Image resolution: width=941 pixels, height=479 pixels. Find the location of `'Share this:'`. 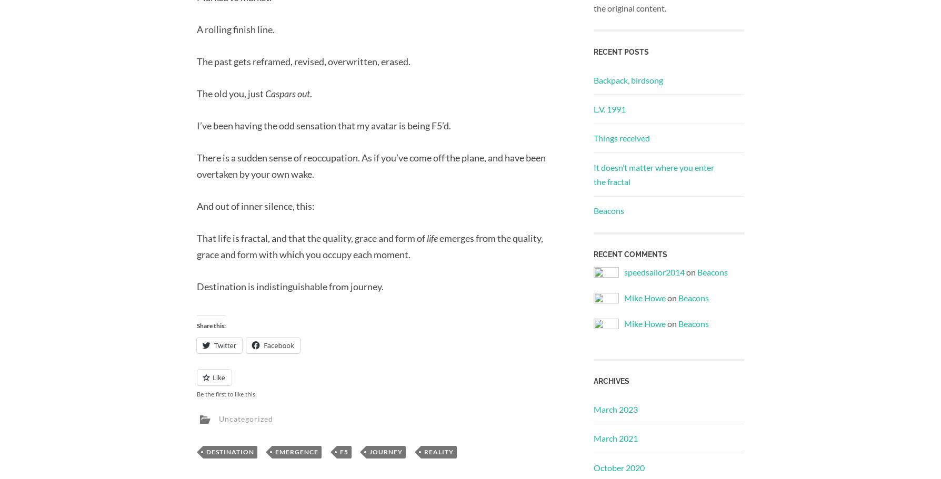

'Share this:' is located at coordinates (211, 325).